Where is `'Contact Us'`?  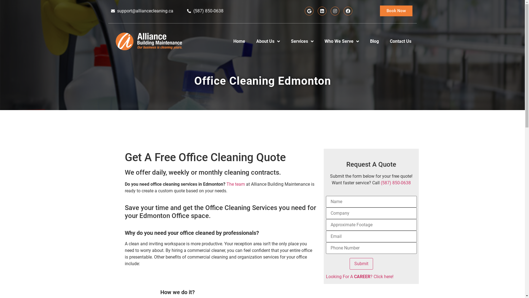 'Contact Us' is located at coordinates (400, 41).